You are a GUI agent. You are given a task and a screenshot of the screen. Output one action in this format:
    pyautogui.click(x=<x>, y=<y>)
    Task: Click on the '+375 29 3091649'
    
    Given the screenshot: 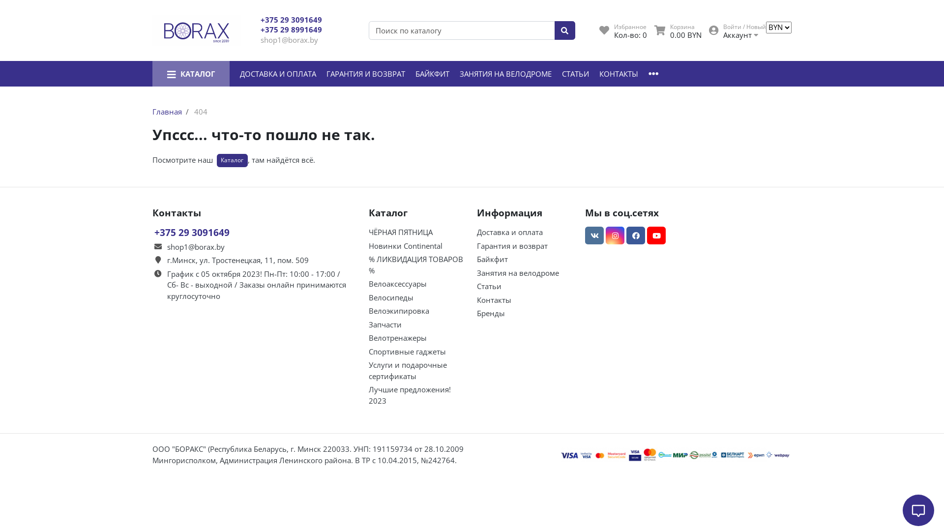 What is the action you would take?
    pyautogui.click(x=291, y=19)
    